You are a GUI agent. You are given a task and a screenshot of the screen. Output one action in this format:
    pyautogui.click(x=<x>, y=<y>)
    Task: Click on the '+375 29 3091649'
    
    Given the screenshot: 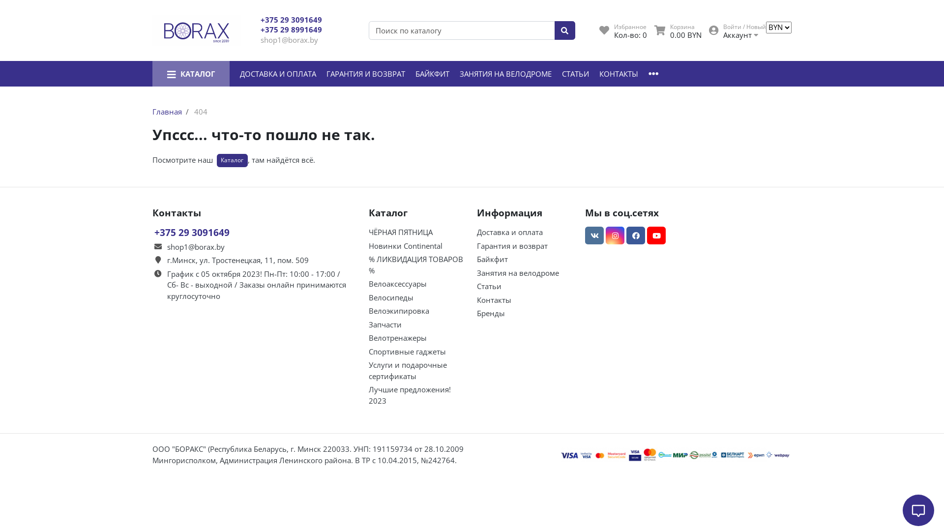 What is the action you would take?
    pyautogui.click(x=291, y=19)
    